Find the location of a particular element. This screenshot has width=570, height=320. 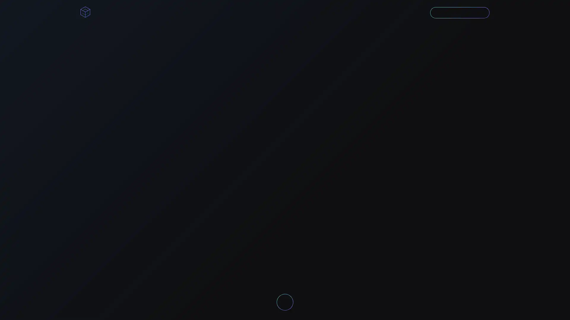

Connect Wallet is located at coordinates (451, 12).